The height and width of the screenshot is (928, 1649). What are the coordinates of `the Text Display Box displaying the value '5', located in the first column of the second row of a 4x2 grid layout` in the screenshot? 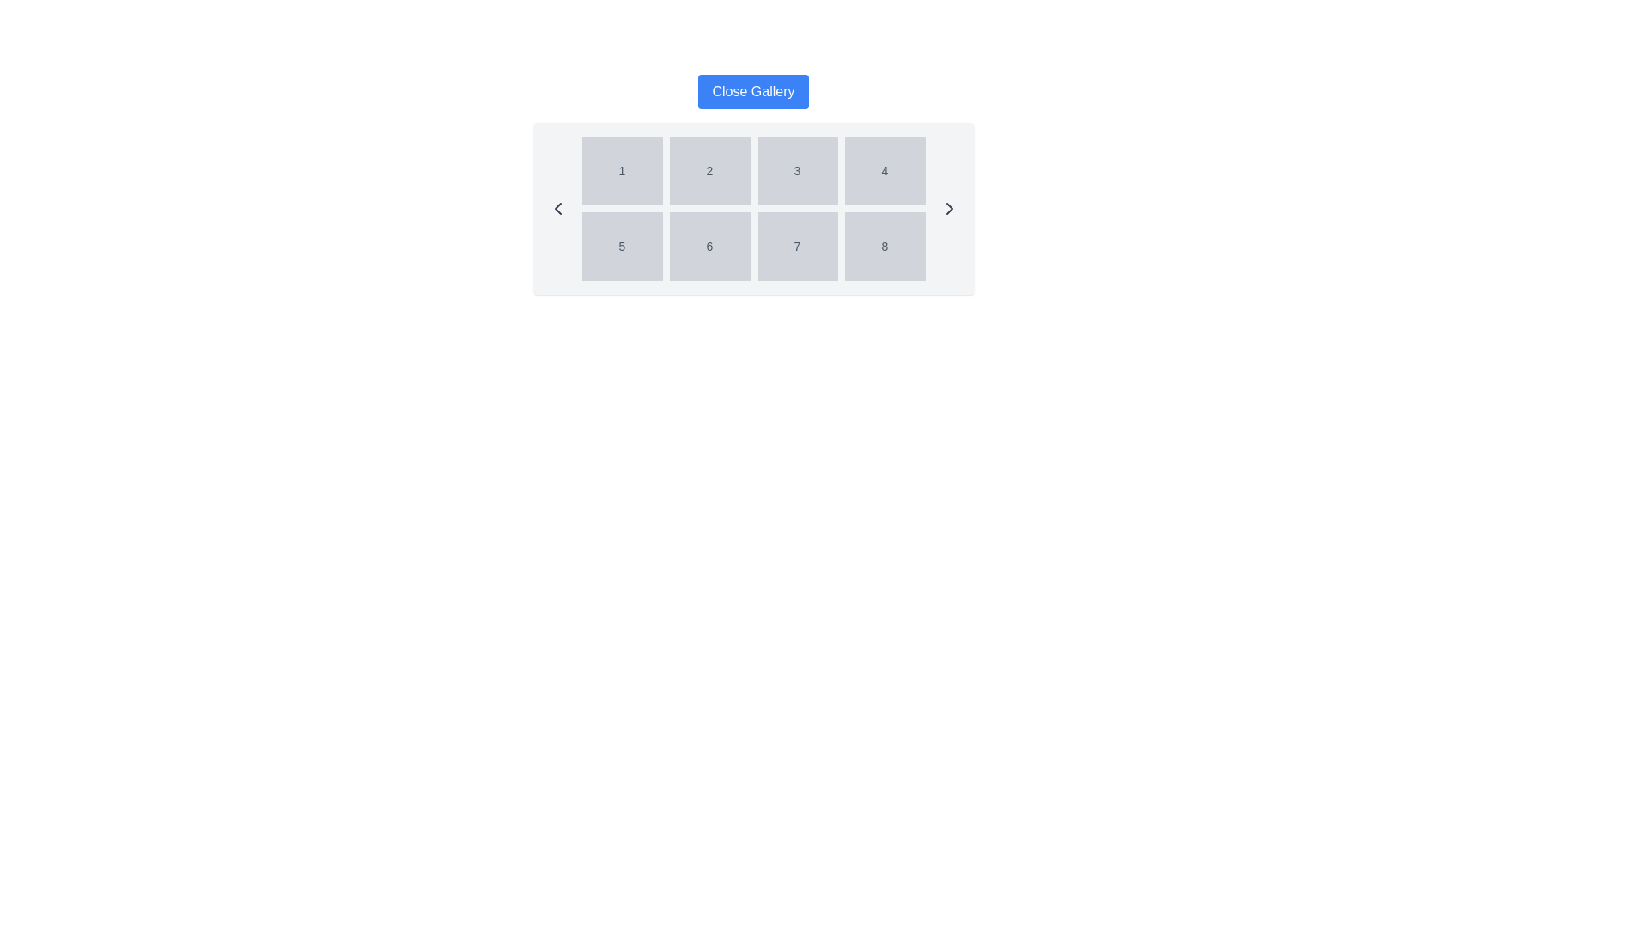 It's located at (621, 246).